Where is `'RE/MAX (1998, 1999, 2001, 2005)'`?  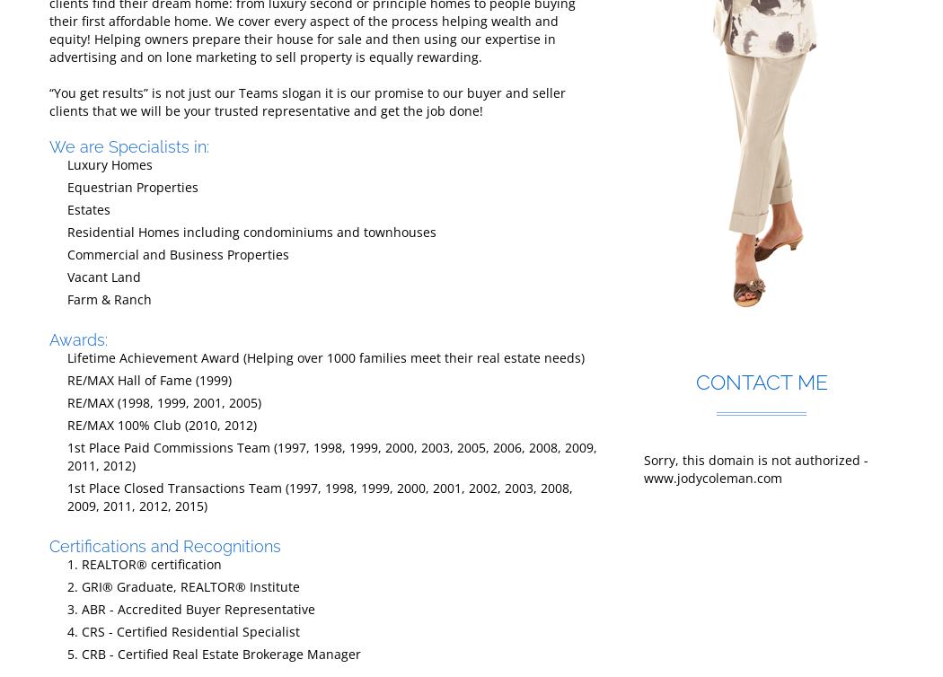
'RE/MAX (1998, 1999, 2001, 2005)' is located at coordinates (164, 401).